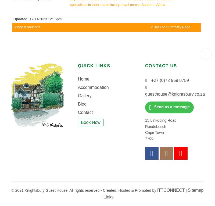 Image resolution: width=215 pixels, height=206 pixels. Describe the element at coordinates (149, 138) in the screenshot. I see `'7700'` at that location.